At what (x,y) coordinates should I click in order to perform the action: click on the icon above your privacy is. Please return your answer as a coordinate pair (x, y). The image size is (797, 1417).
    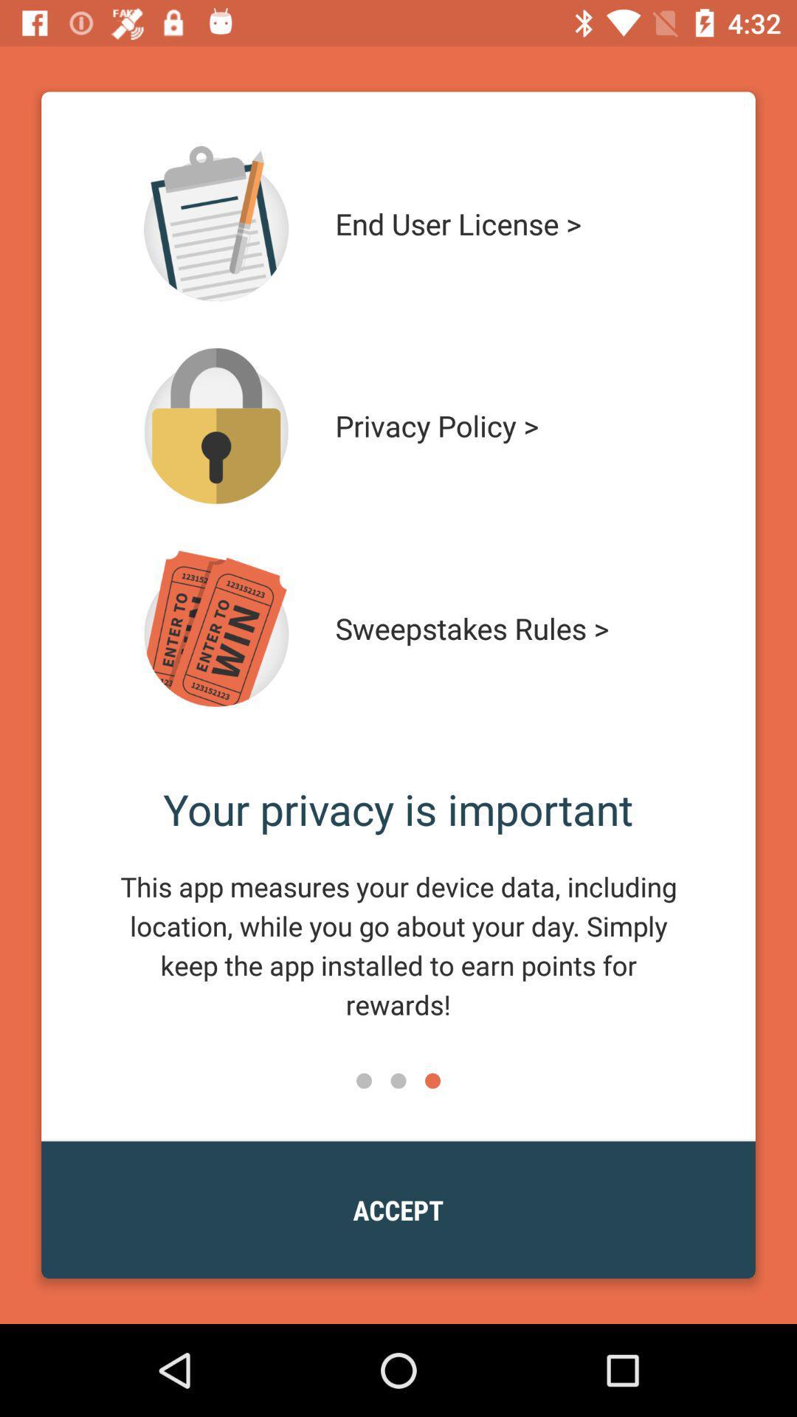
    Looking at the image, I should click on (500, 628).